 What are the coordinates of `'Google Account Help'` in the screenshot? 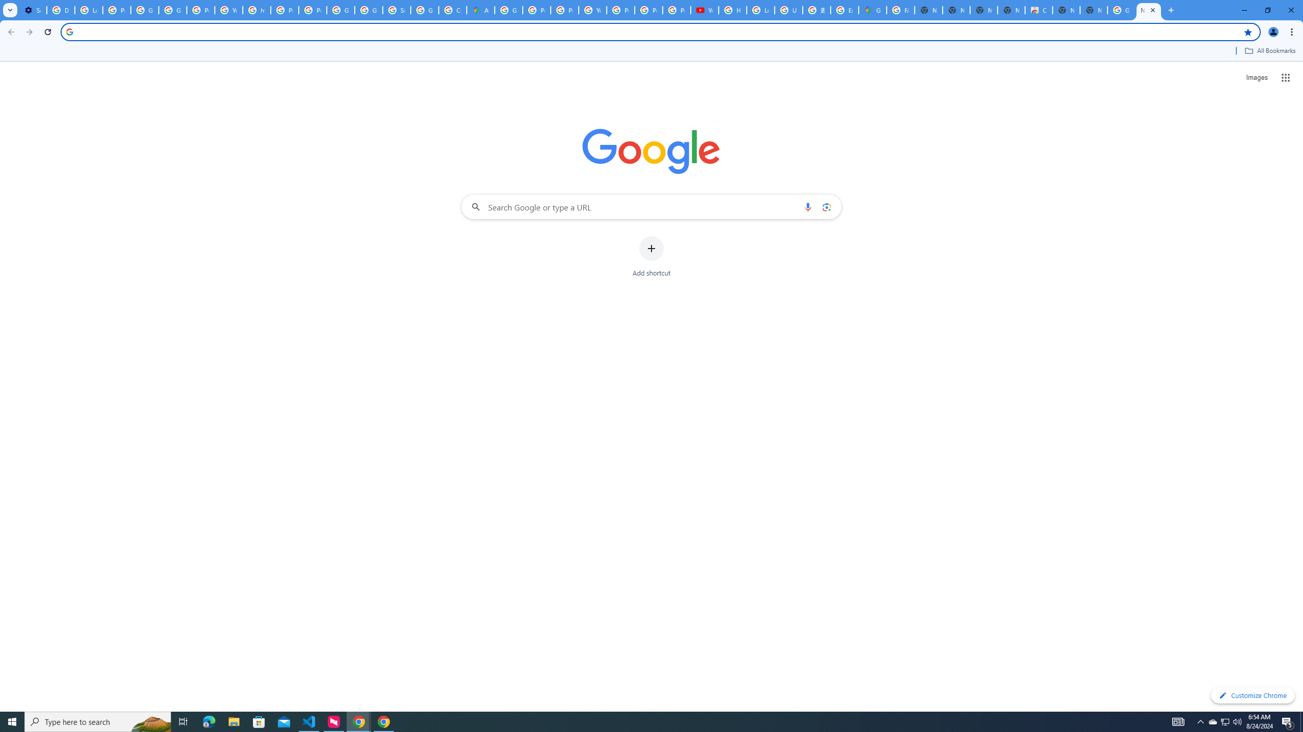 It's located at (145, 10).